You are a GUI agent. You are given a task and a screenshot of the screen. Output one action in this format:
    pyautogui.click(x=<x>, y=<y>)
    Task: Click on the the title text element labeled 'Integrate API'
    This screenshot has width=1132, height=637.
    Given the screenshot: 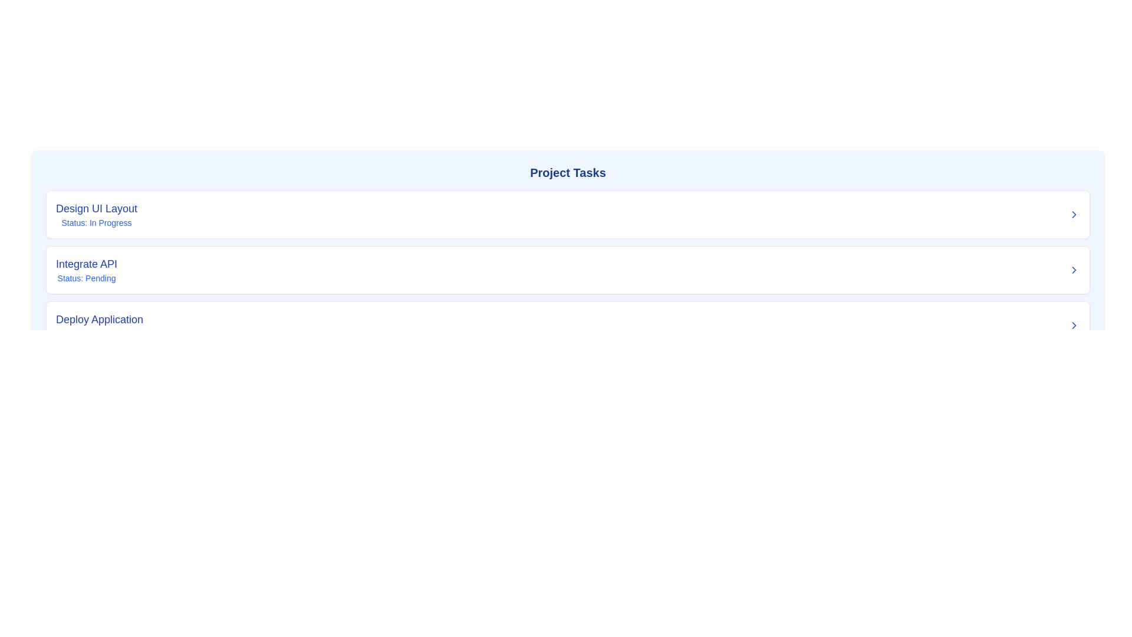 What is the action you would take?
    pyautogui.click(x=86, y=263)
    